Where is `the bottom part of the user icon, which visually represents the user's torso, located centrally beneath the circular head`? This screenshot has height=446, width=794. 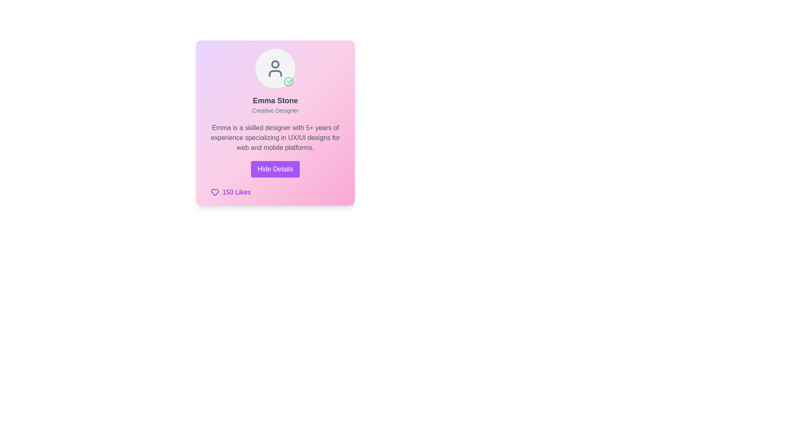 the bottom part of the user icon, which visually represents the user's torso, located centrally beneath the circular head is located at coordinates (275, 73).